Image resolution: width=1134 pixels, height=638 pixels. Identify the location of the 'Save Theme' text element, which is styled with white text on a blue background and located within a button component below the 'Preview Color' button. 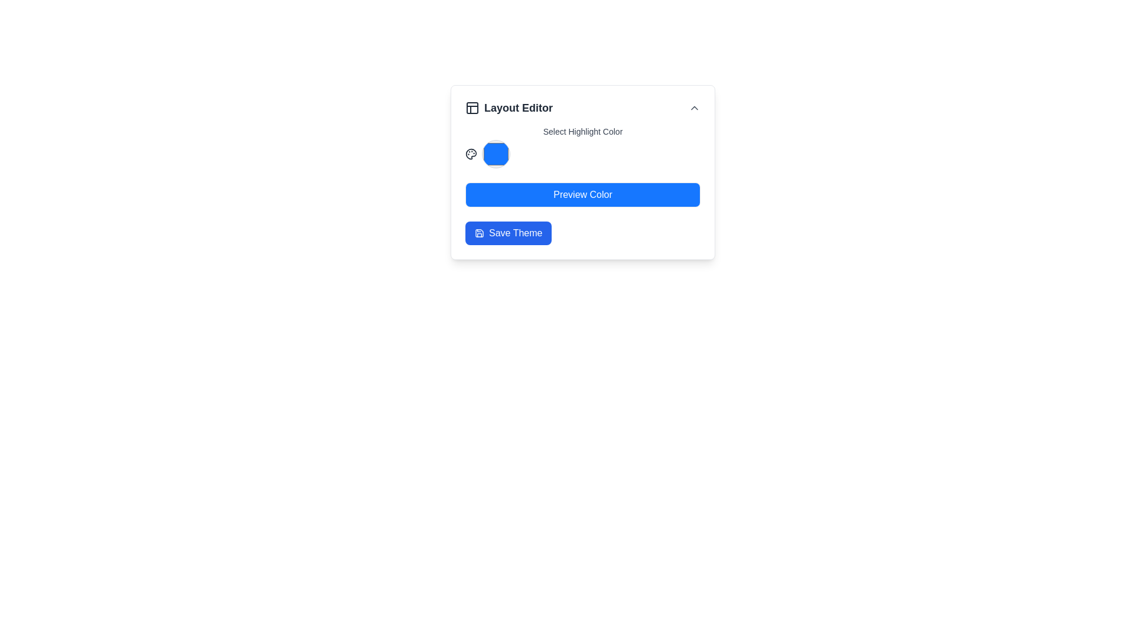
(516, 233).